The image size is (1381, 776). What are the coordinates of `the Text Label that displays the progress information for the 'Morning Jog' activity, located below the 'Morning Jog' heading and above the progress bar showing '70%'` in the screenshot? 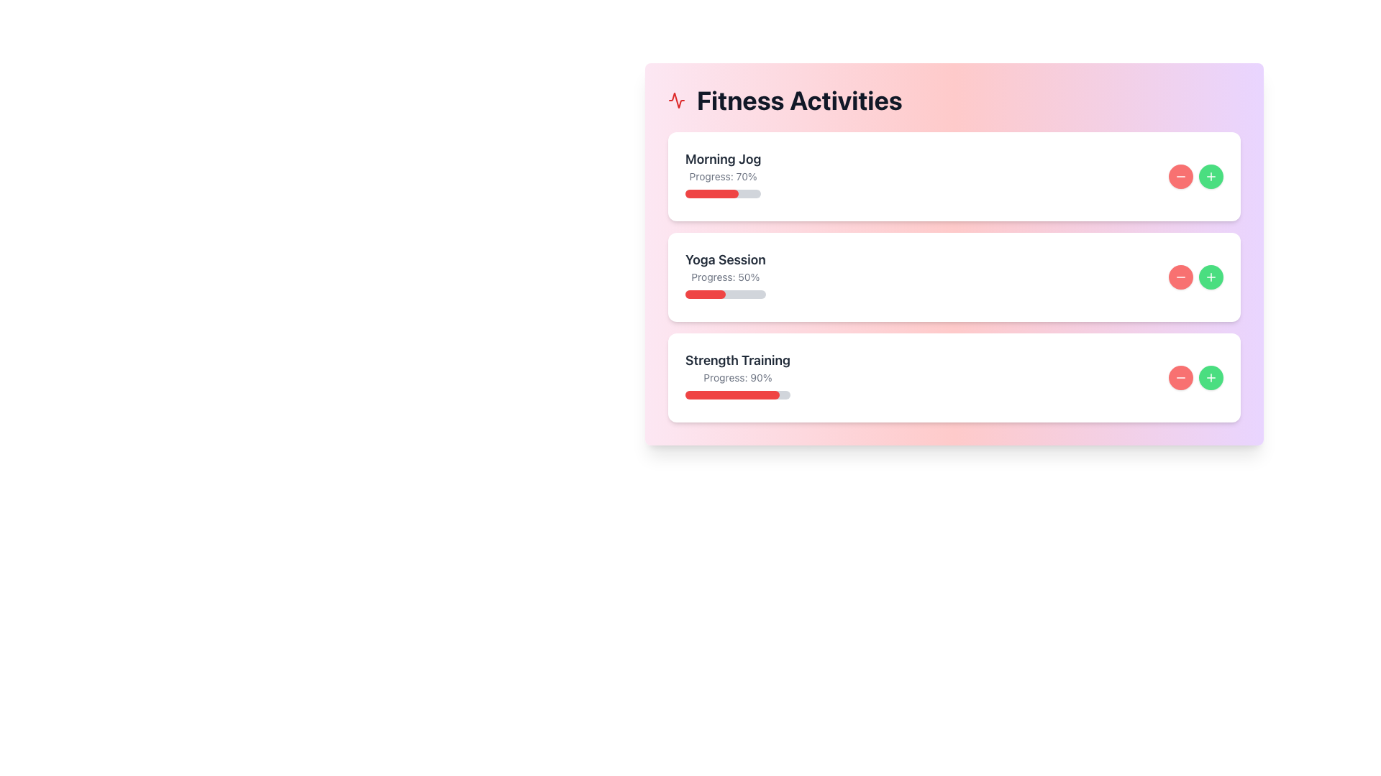 It's located at (723, 176).